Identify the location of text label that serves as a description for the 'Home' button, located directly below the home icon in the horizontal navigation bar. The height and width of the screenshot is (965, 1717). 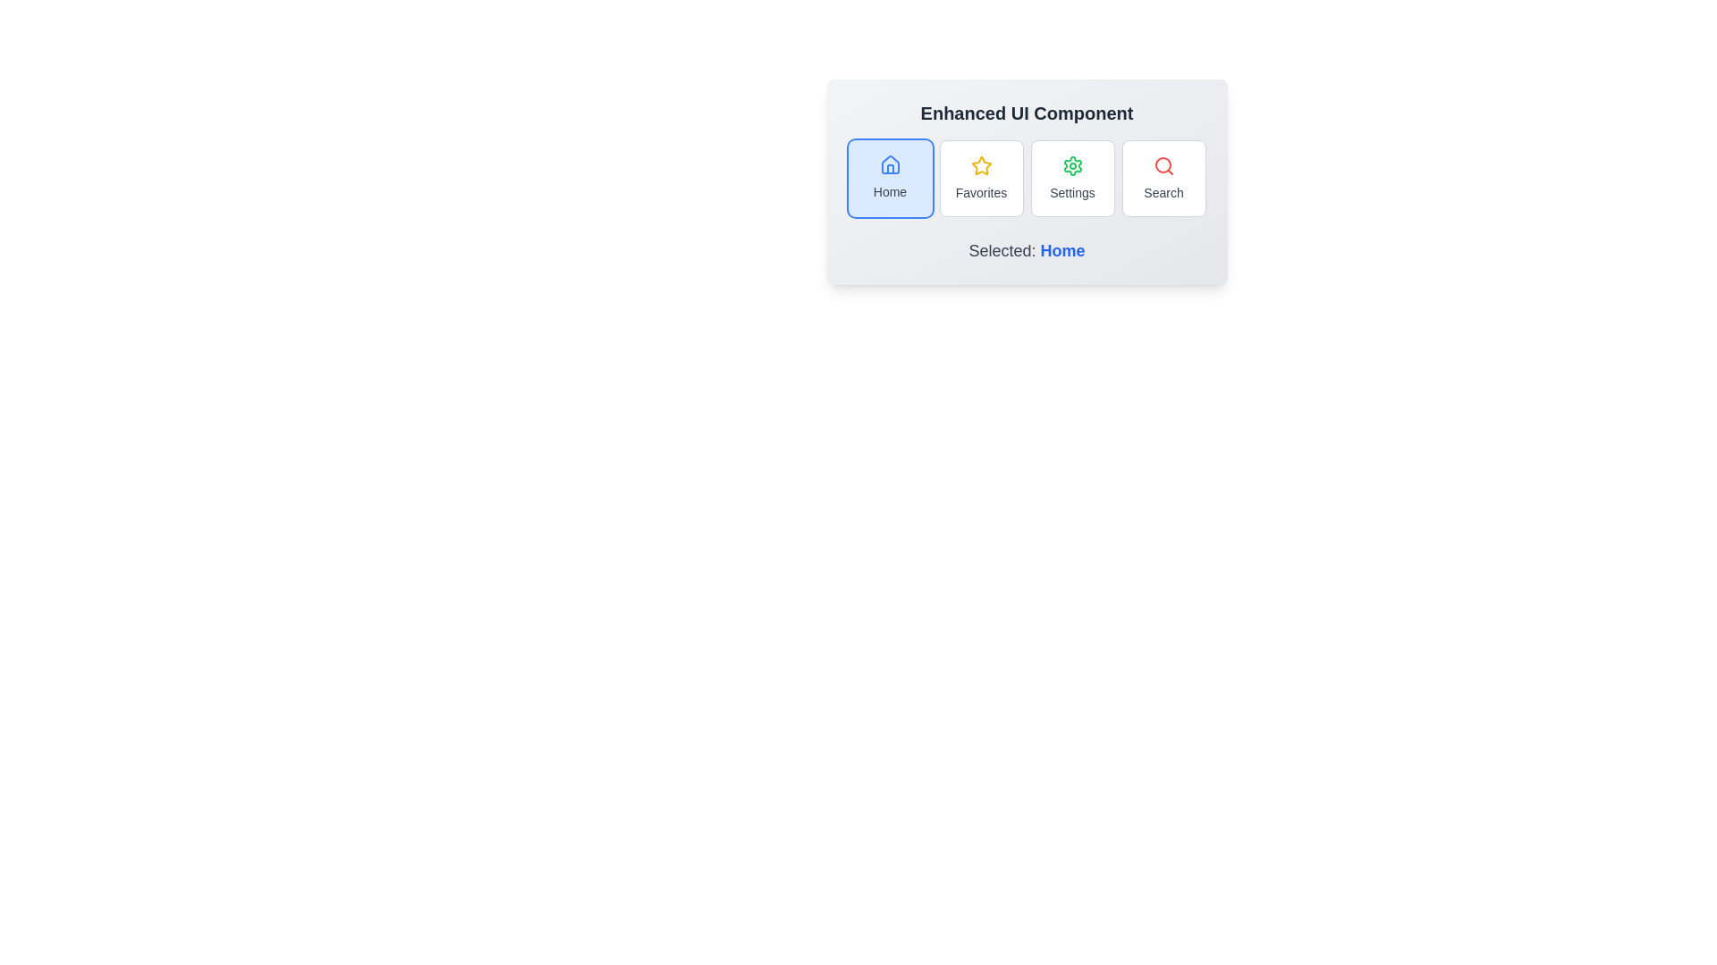
(890, 192).